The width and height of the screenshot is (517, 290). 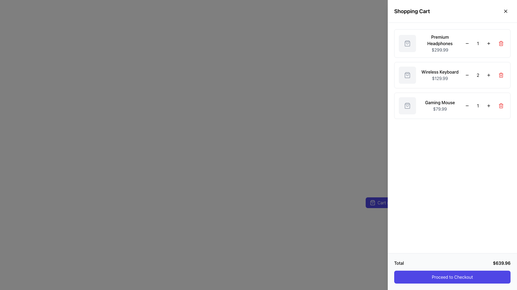 I want to click on the text of the 'Gaming Mouse' product information display component located in the third row of the shopping cart for copying purposes, so click(x=440, y=106).